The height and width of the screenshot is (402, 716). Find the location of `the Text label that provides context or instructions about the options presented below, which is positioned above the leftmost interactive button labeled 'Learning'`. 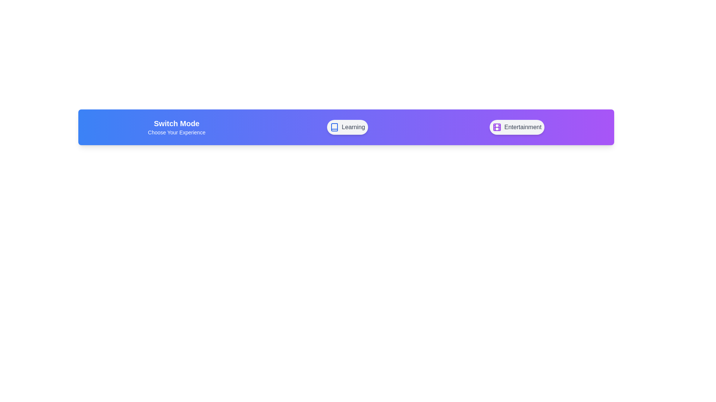

the Text label that provides context or instructions about the options presented below, which is positioned above the leftmost interactive button labeled 'Learning' is located at coordinates (176, 127).